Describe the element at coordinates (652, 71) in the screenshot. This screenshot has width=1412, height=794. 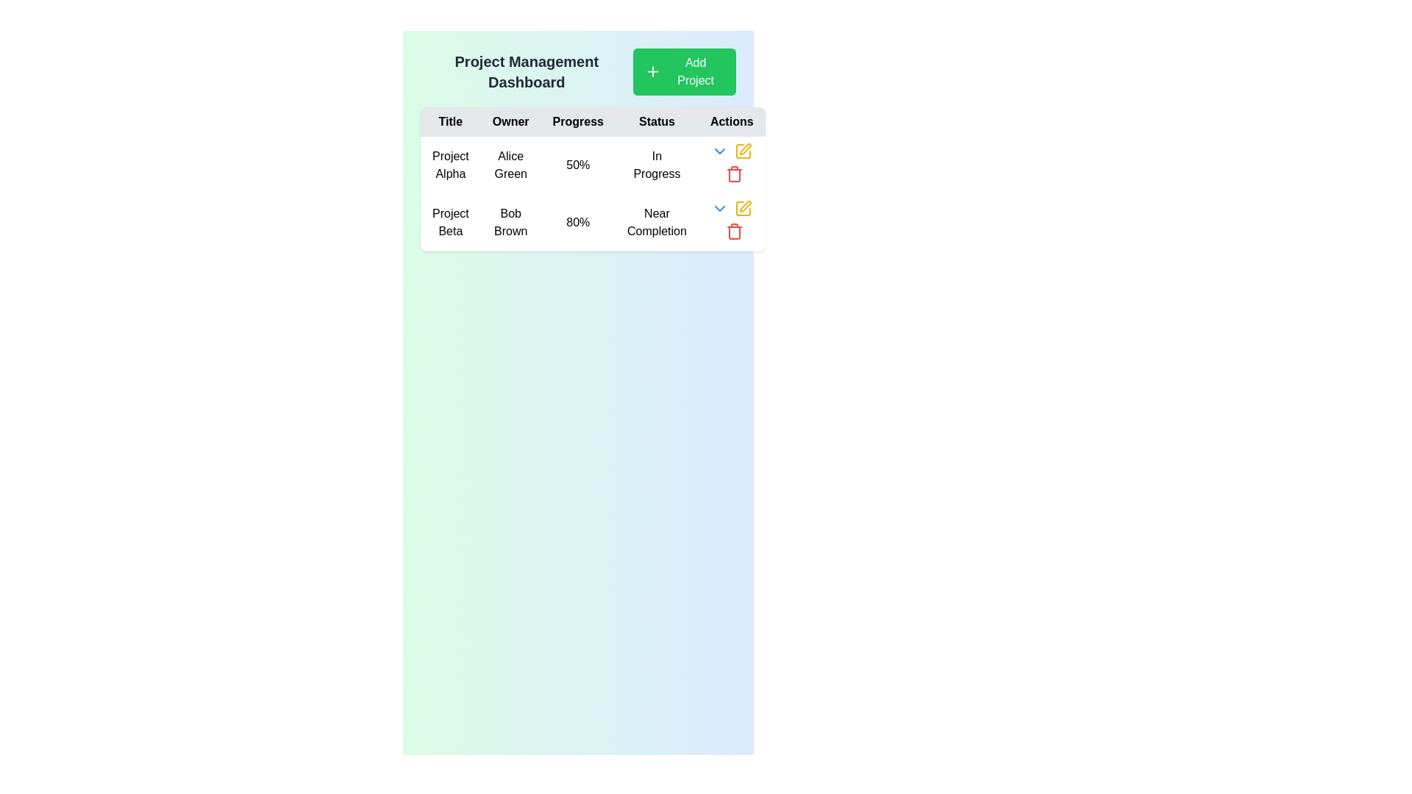
I see `the minimalistic green plus icon located in the top-right corner of the application interface, which is positioned inline to the left of the 'Add Project' text` at that location.